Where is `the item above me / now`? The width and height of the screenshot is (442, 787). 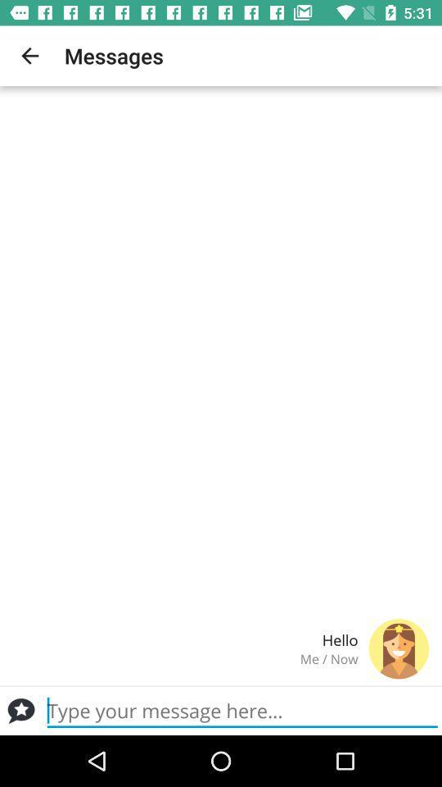
the item above me / now is located at coordinates (184, 639).